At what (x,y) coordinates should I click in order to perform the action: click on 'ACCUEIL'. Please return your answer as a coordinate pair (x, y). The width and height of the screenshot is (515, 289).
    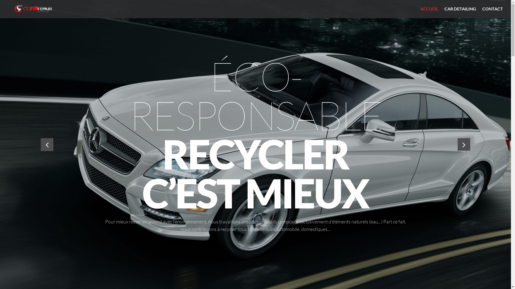
    Looking at the image, I should click on (420, 9).